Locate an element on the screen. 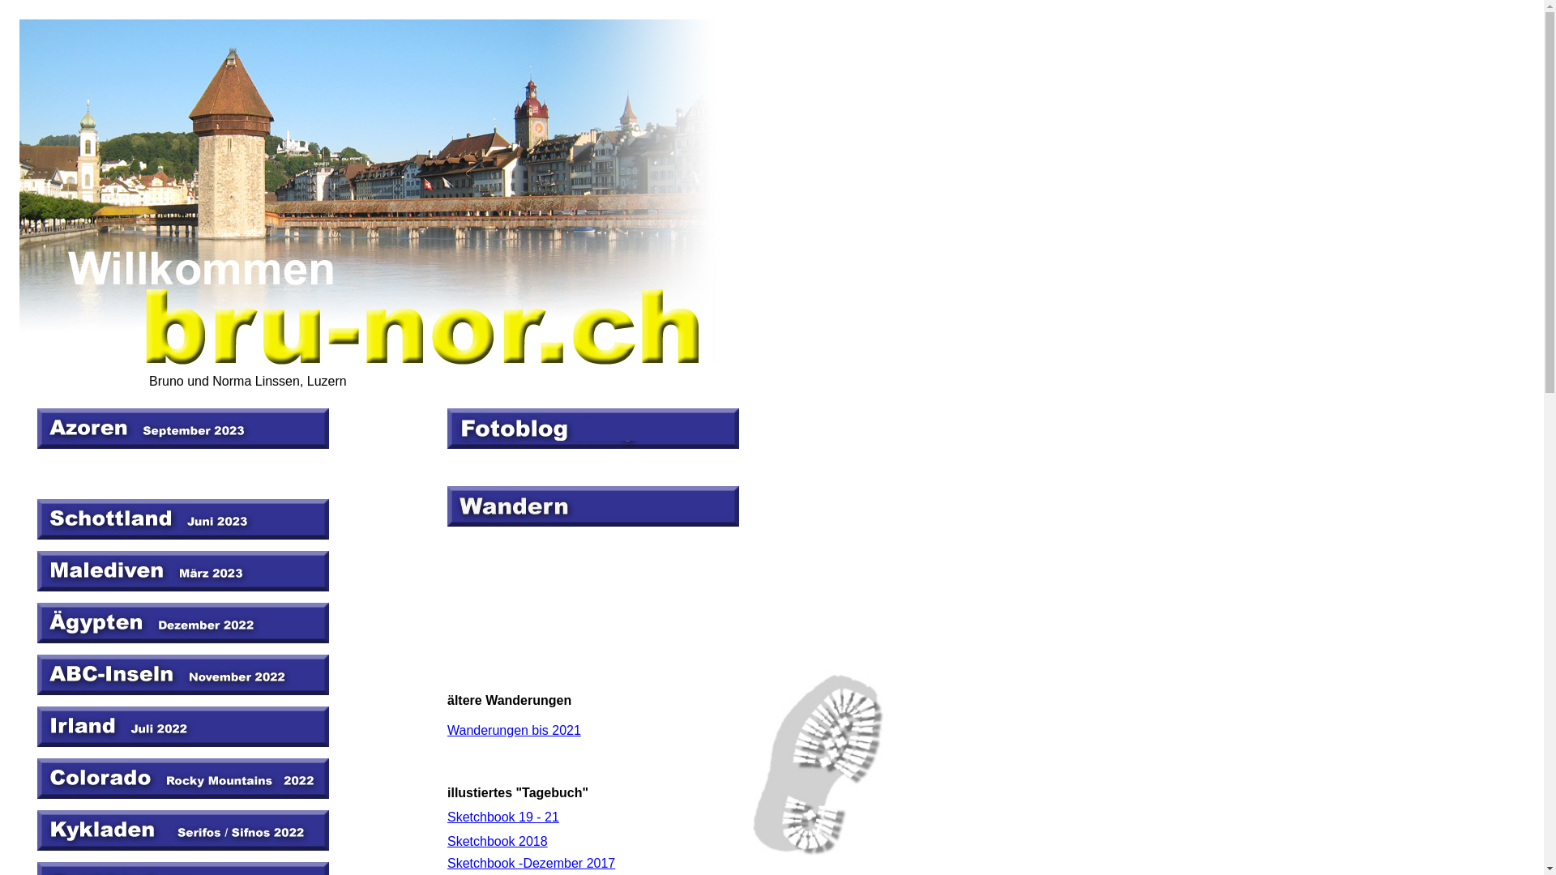  'Wanderungen bis 2021' is located at coordinates (513, 730).